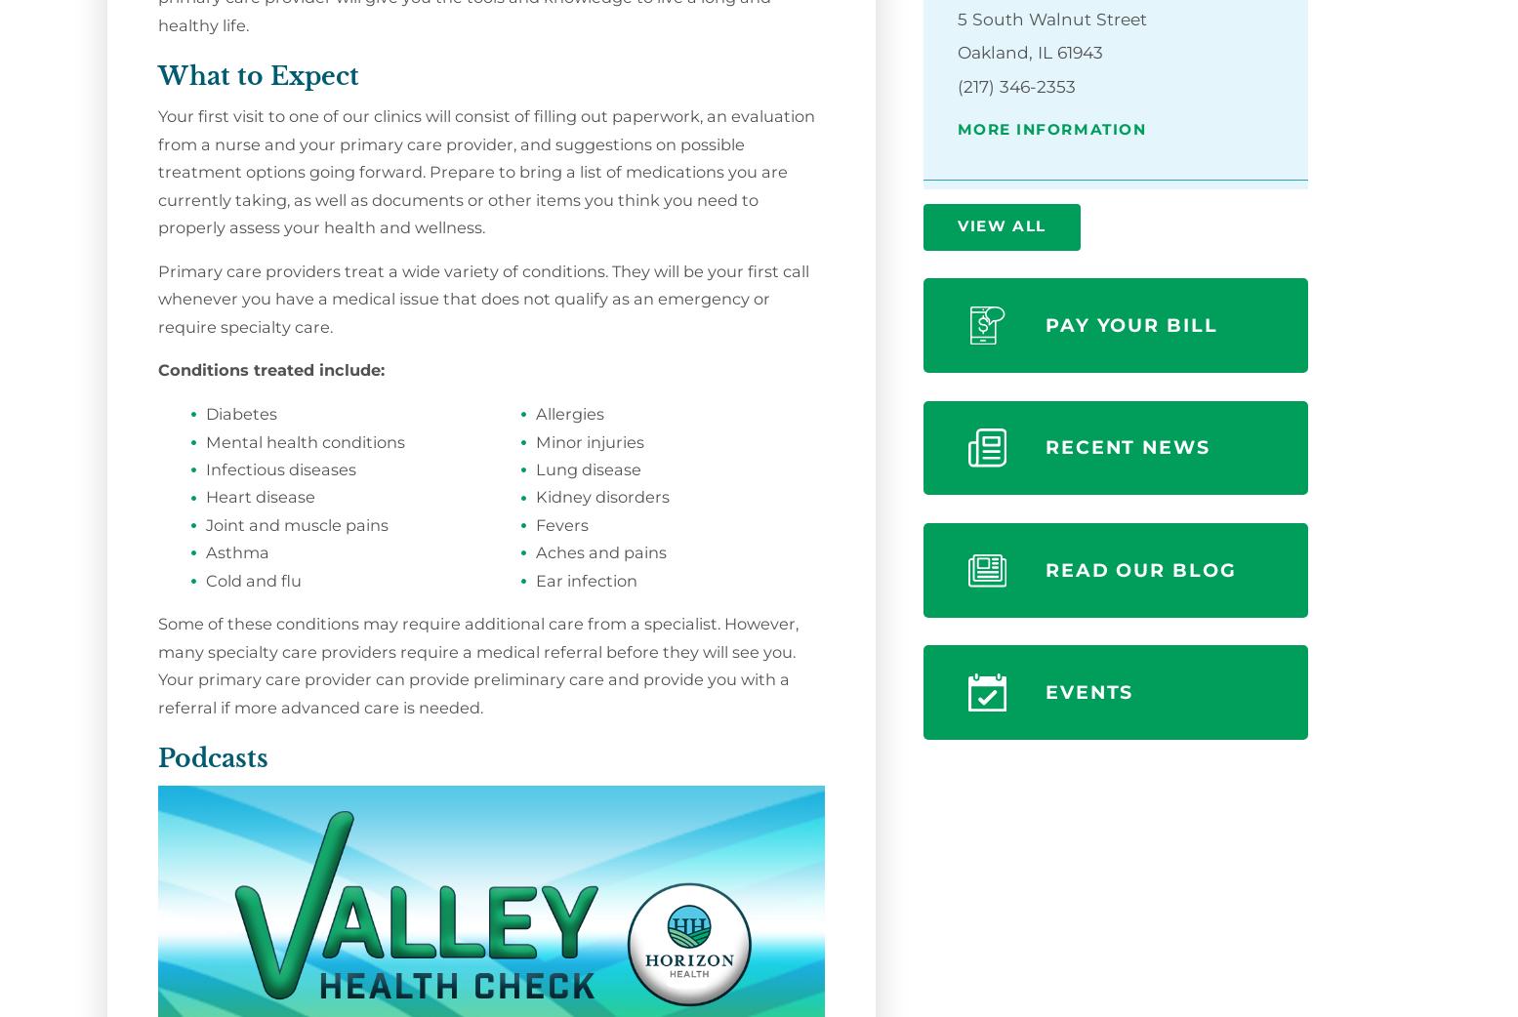 This screenshot has width=1518, height=1017. What do you see at coordinates (535, 412) in the screenshot?
I see `'Allergies'` at bounding box center [535, 412].